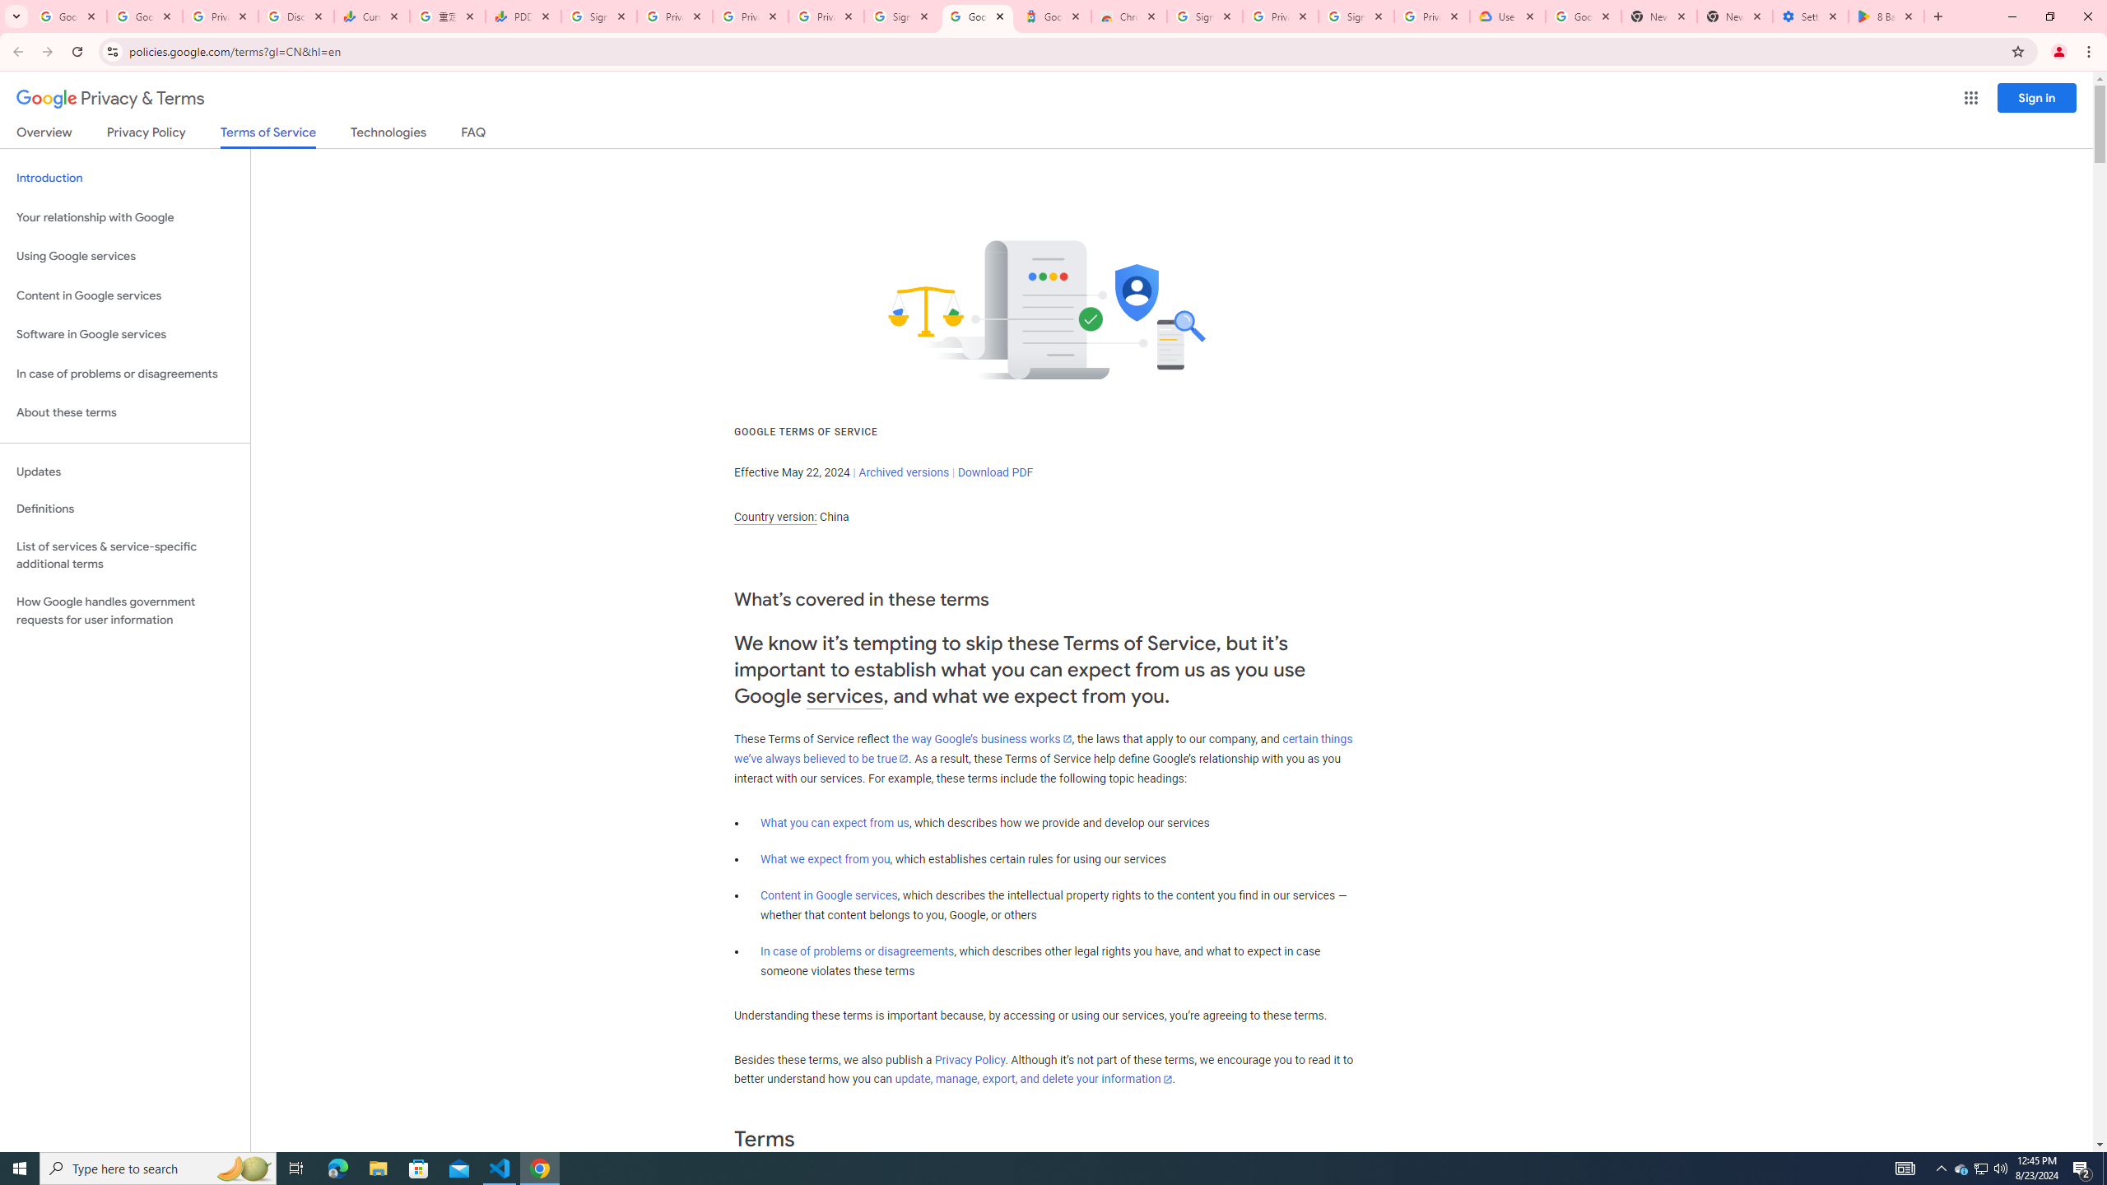 This screenshot has height=1185, width=2107. What do you see at coordinates (1811, 16) in the screenshot?
I see `'Settings - System'` at bounding box center [1811, 16].